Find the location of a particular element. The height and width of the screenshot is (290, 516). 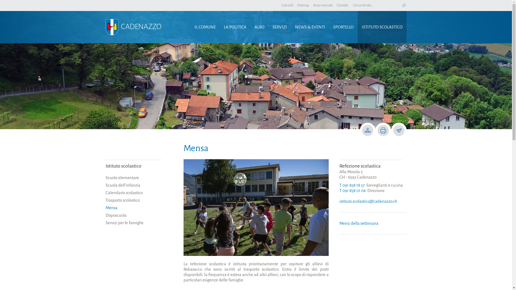

'LA POLITICA' is located at coordinates (220, 27).